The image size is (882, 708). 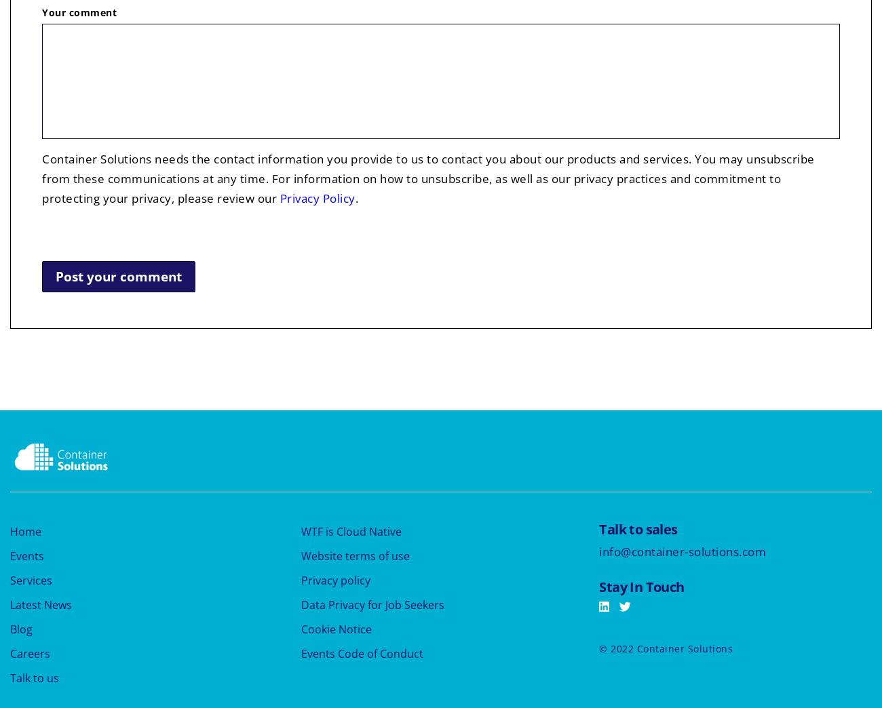 I want to click on 'Your comment', so click(x=79, y=12).